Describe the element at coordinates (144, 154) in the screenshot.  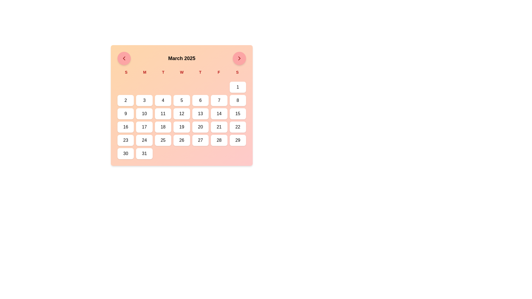
I see `the rounded rectangular button labeled '31' in the calendar interface` at that location.